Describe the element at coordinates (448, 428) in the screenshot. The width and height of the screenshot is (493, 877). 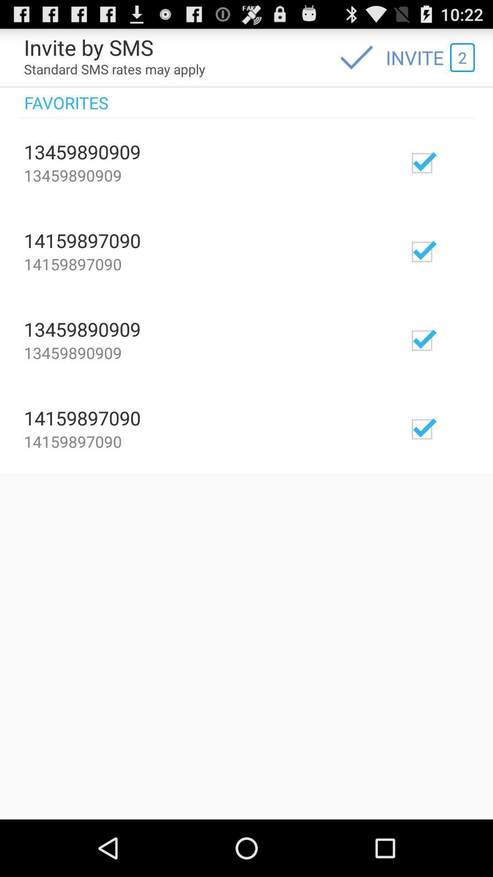
I see `invite 14159897090 to your sms` at that location.